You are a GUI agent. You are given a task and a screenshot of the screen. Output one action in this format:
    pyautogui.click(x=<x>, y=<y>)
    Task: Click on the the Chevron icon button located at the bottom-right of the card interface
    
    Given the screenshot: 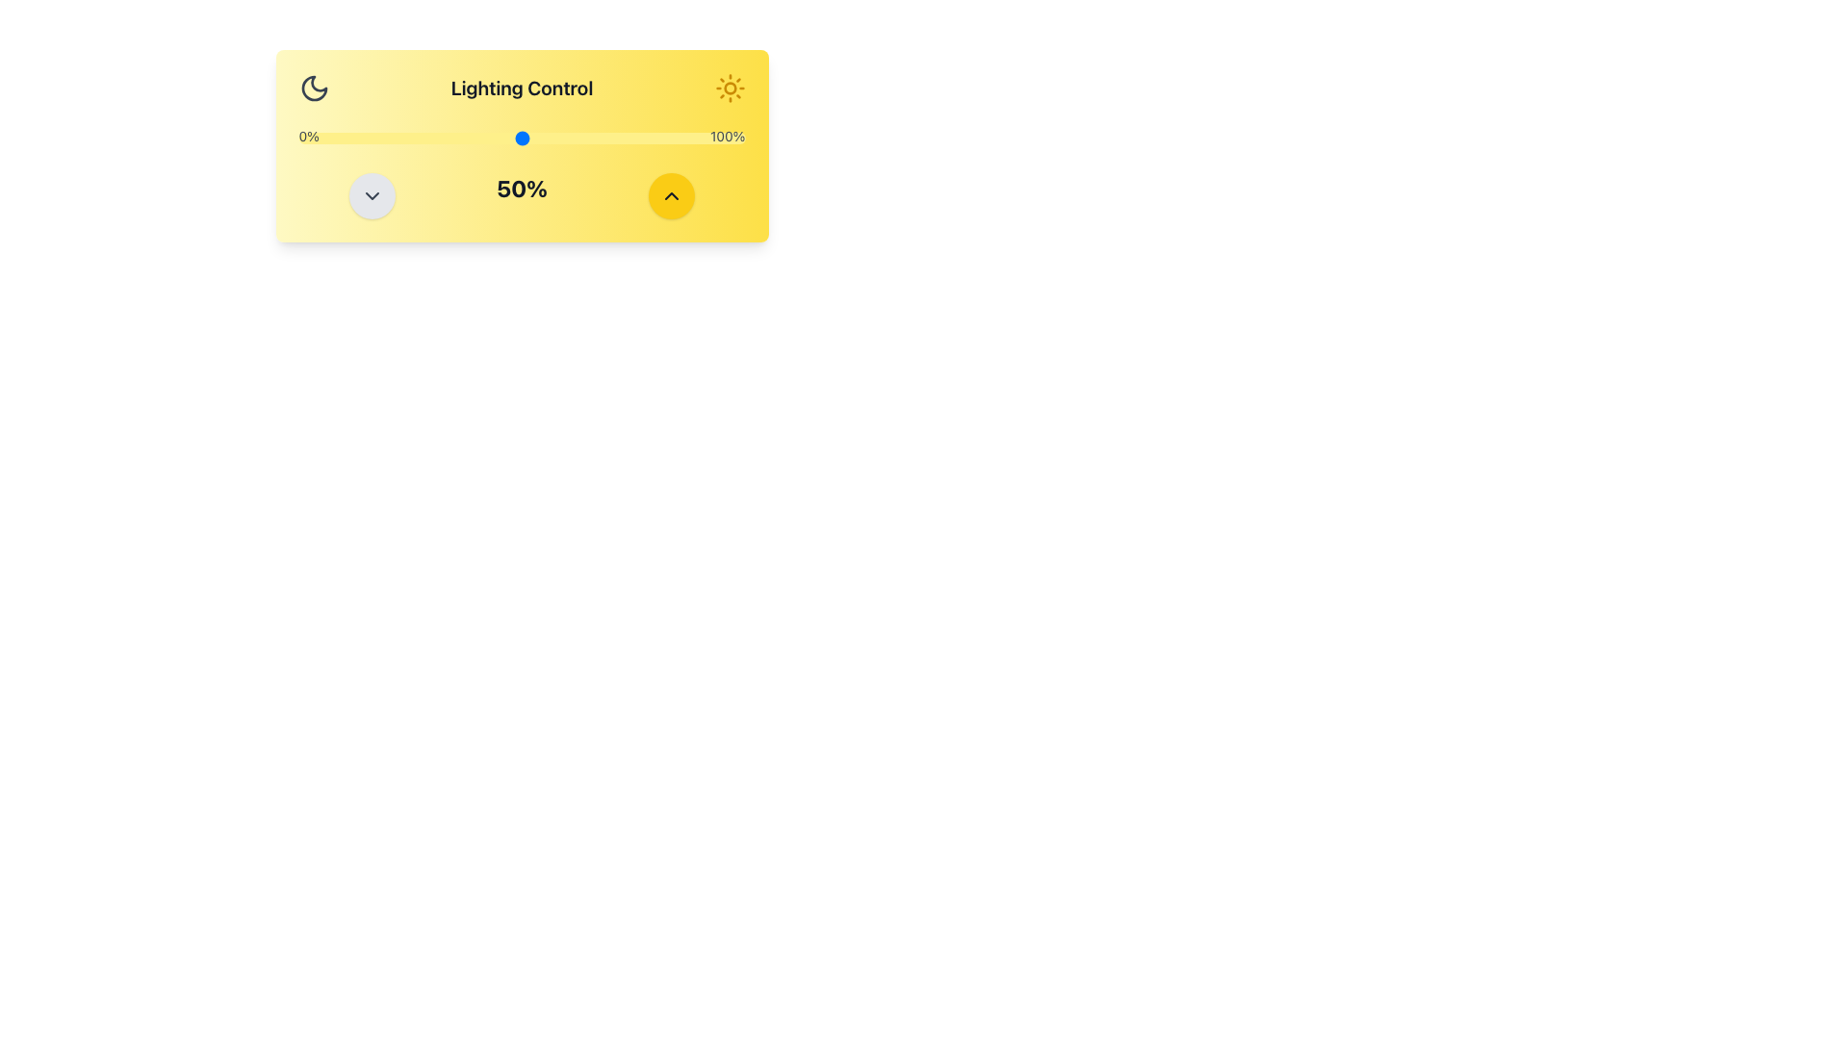 What is the action you would take?
    pyautogui.click(x=372, y=196)
    